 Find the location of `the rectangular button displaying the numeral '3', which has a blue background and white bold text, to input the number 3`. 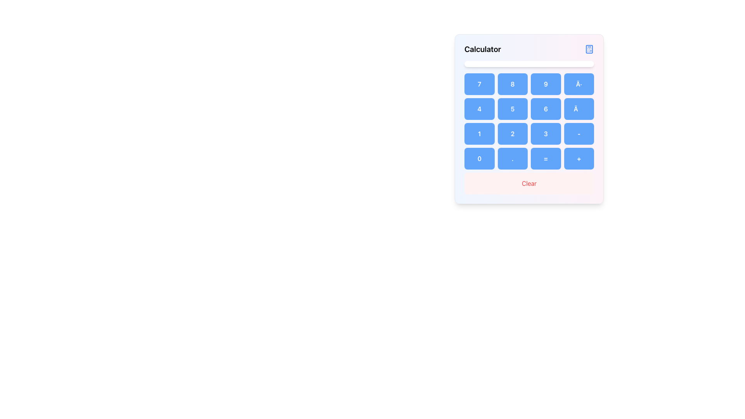

the rectangular button displaying the numeral '3', which has a blue background and white bold text, to input the number 3 is located at coordinates (545, 133).